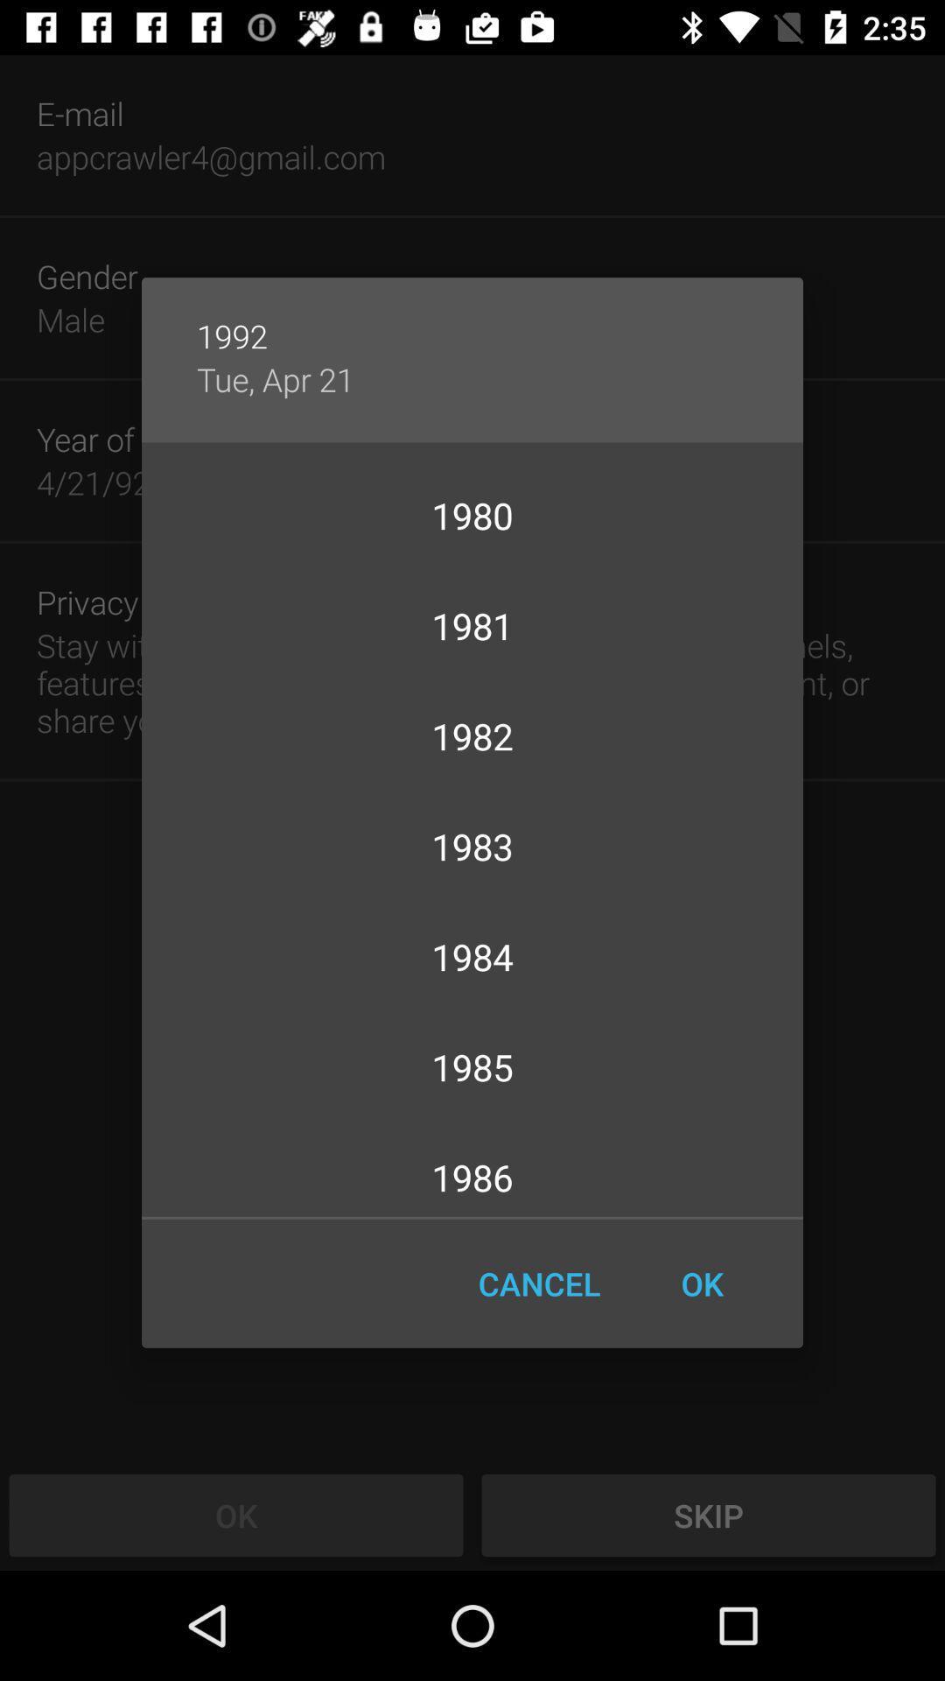 This screenshot has width=945, height=1681. I want to click on the button to the left of the ok button, so click(538, 1284).